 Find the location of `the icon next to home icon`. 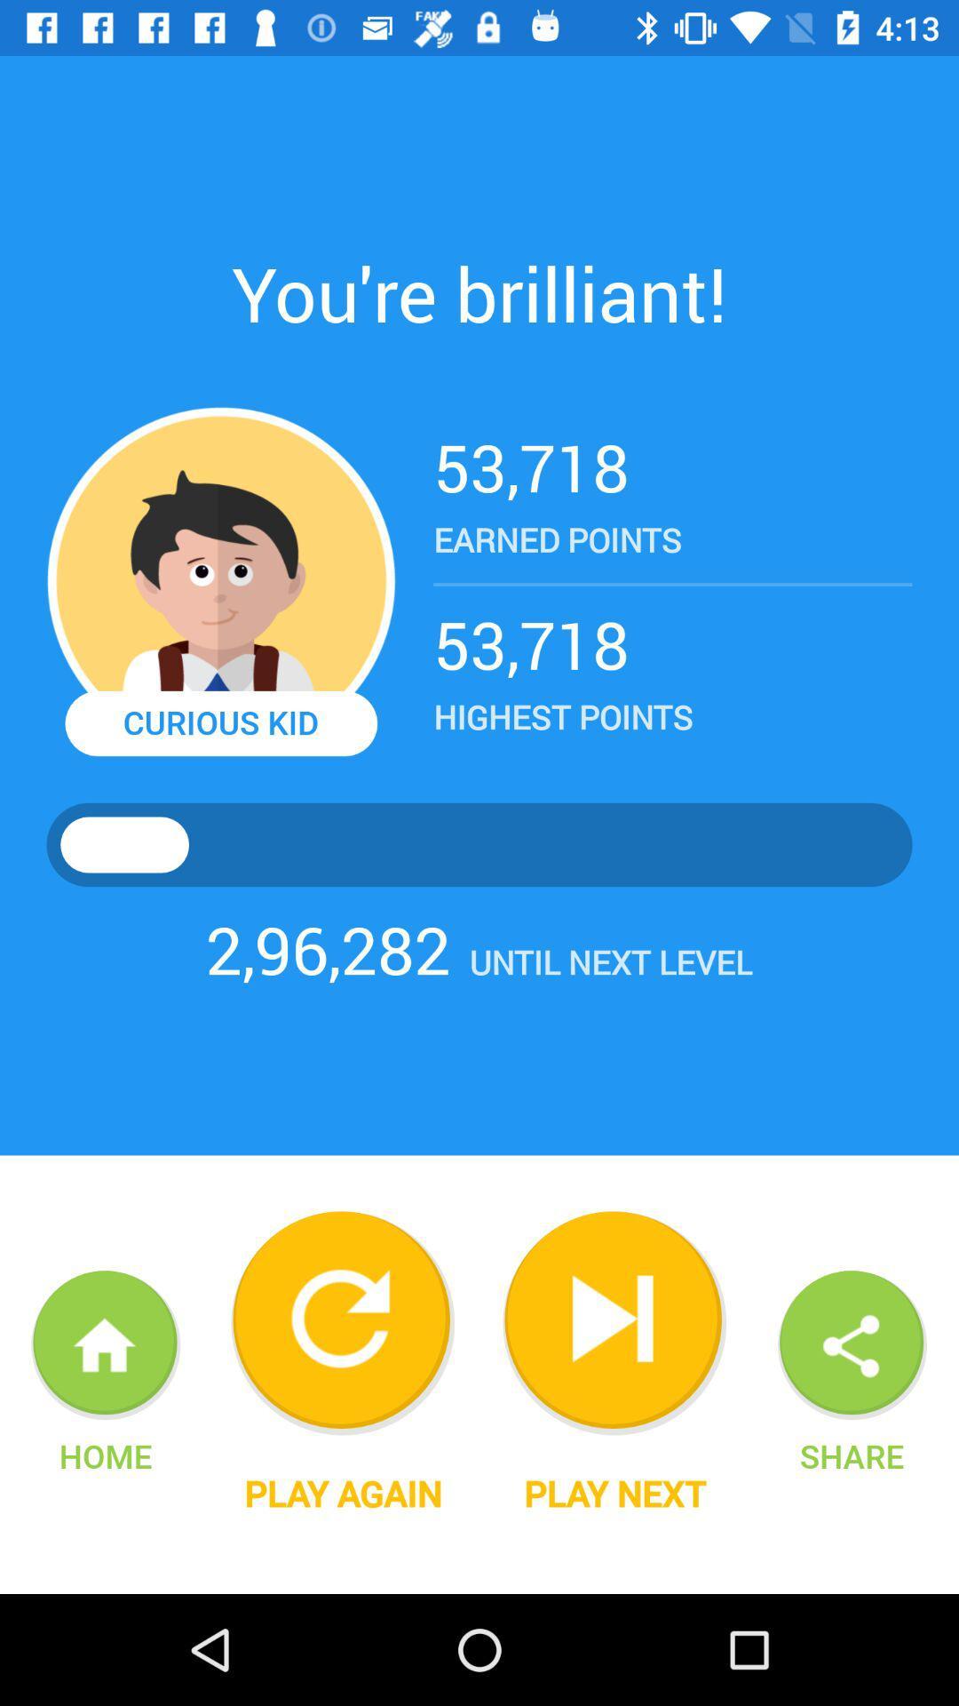

the icon next to home icon is located at coordinates (343, 1493).